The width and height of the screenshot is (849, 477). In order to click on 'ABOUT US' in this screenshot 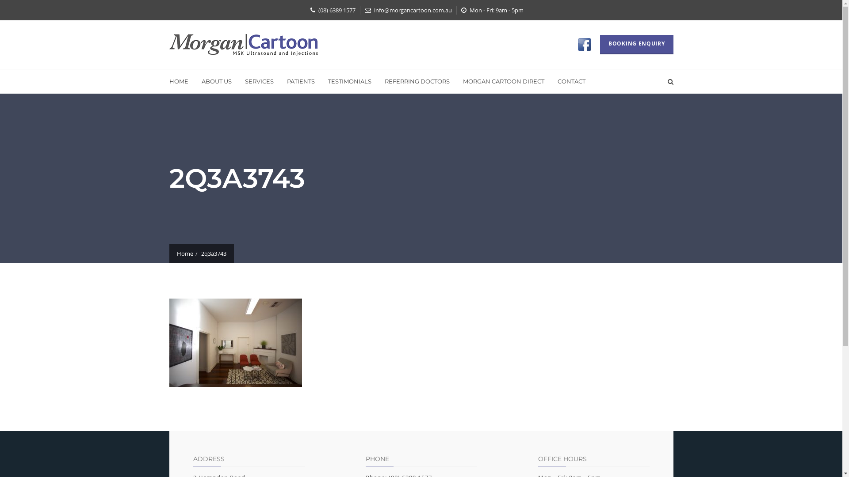, I will do `click(216, 81)`.